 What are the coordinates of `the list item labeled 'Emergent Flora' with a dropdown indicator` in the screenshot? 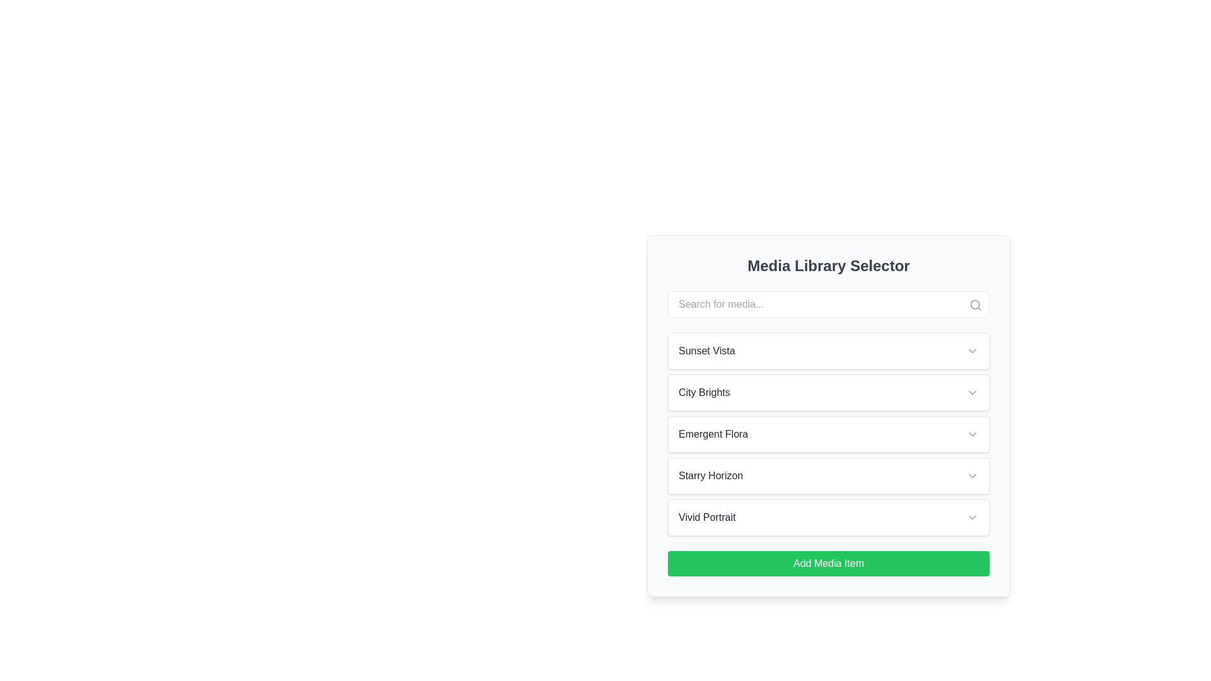 It's located at (829, 434).